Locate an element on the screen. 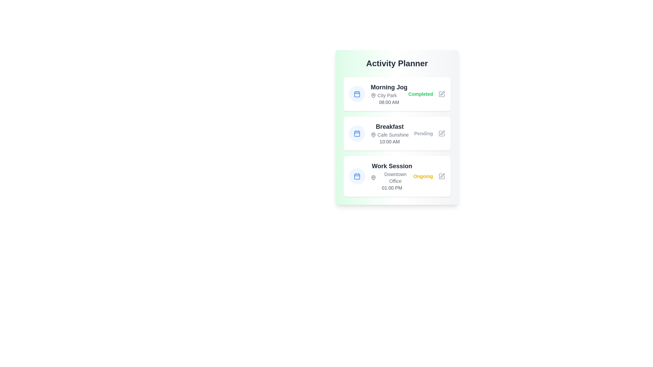 The height and width of the screenshot is (367, 653). the area of the text label displaying the location name associated with the scheduled event, which is positioned below the 'Breakfast' text and above the '10:00 AM' text, with a map pin icon is located at coordinates (389, 135).